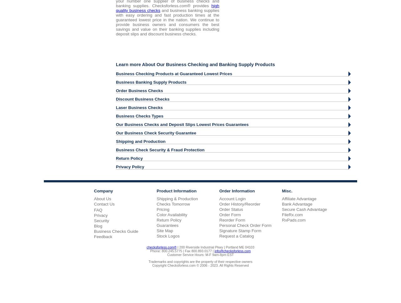 The image size is (401, 303). I want to click on 'Our Business Check Security Guarantee', so click(156, 132).